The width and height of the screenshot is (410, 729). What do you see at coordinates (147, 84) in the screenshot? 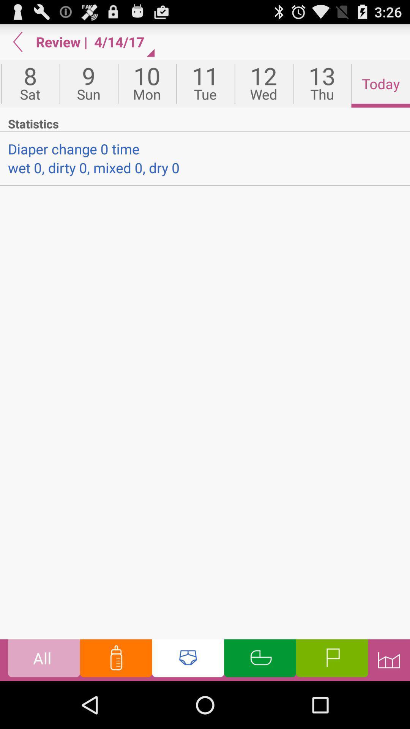
I see `item to the right of 9 icon` at bounding box center [147, 84].